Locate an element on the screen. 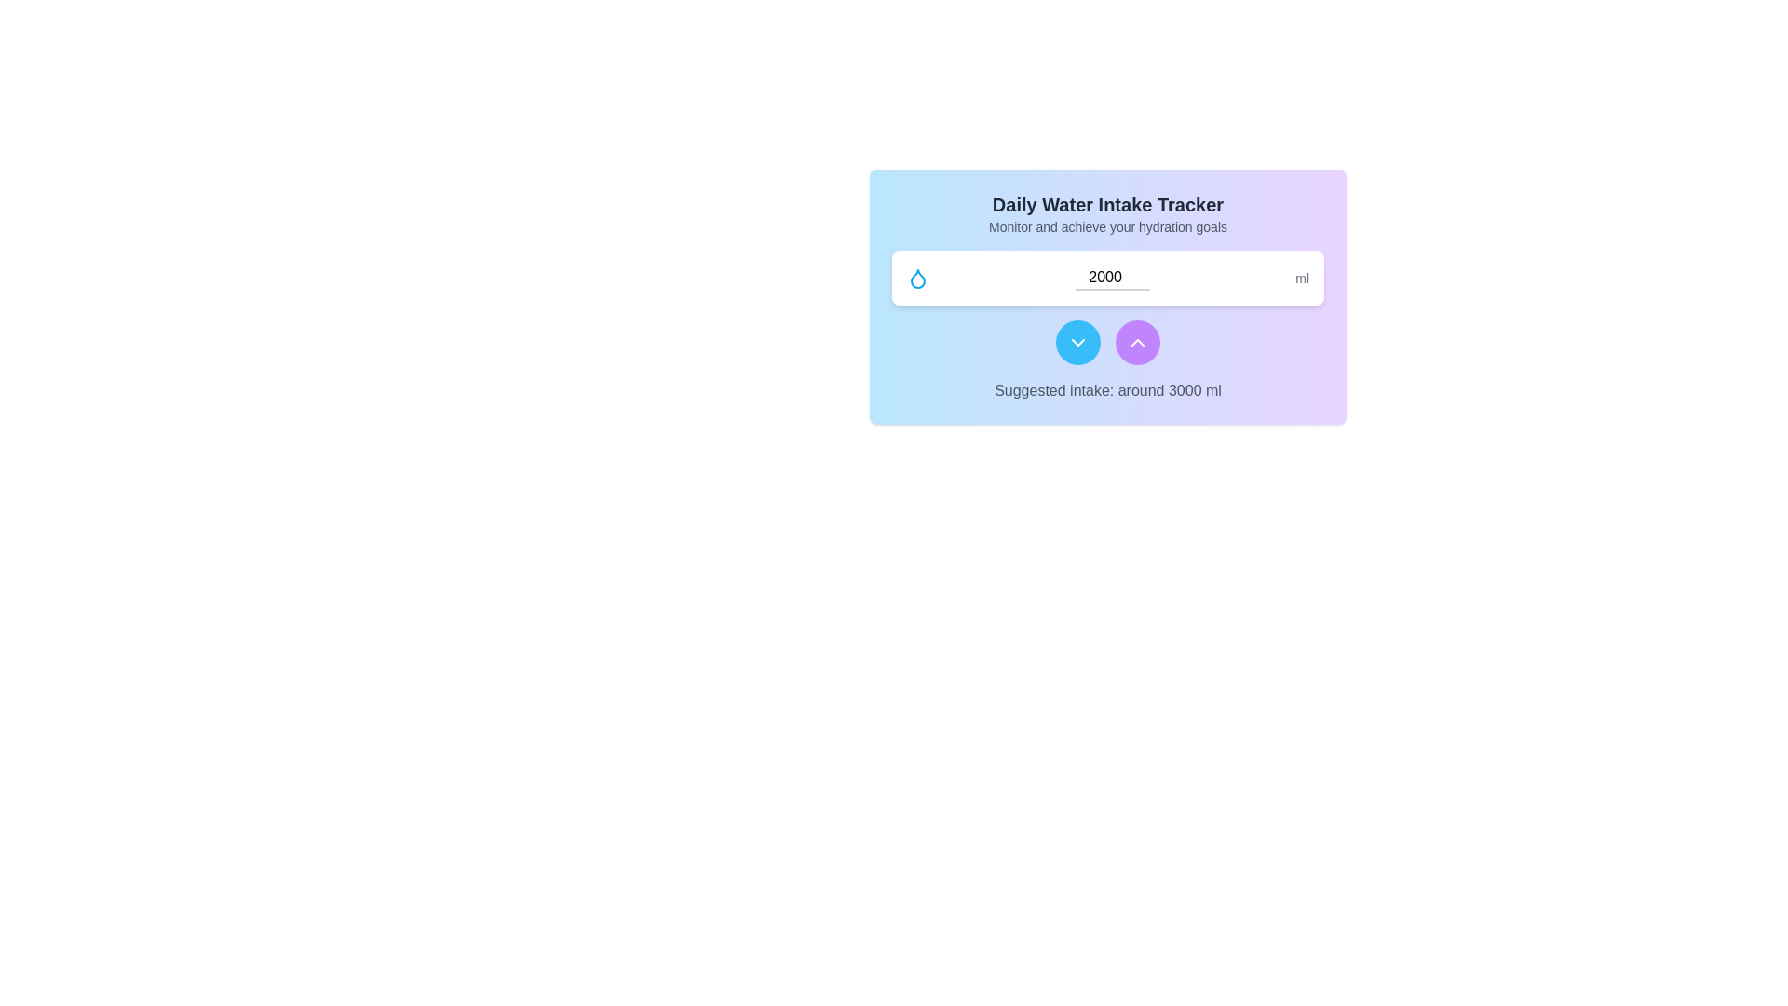  the circular button with a purple background and a white upwards arrow icon, located to the right of the blue button with a downward white arrow is located at coordinates (1137, 342).